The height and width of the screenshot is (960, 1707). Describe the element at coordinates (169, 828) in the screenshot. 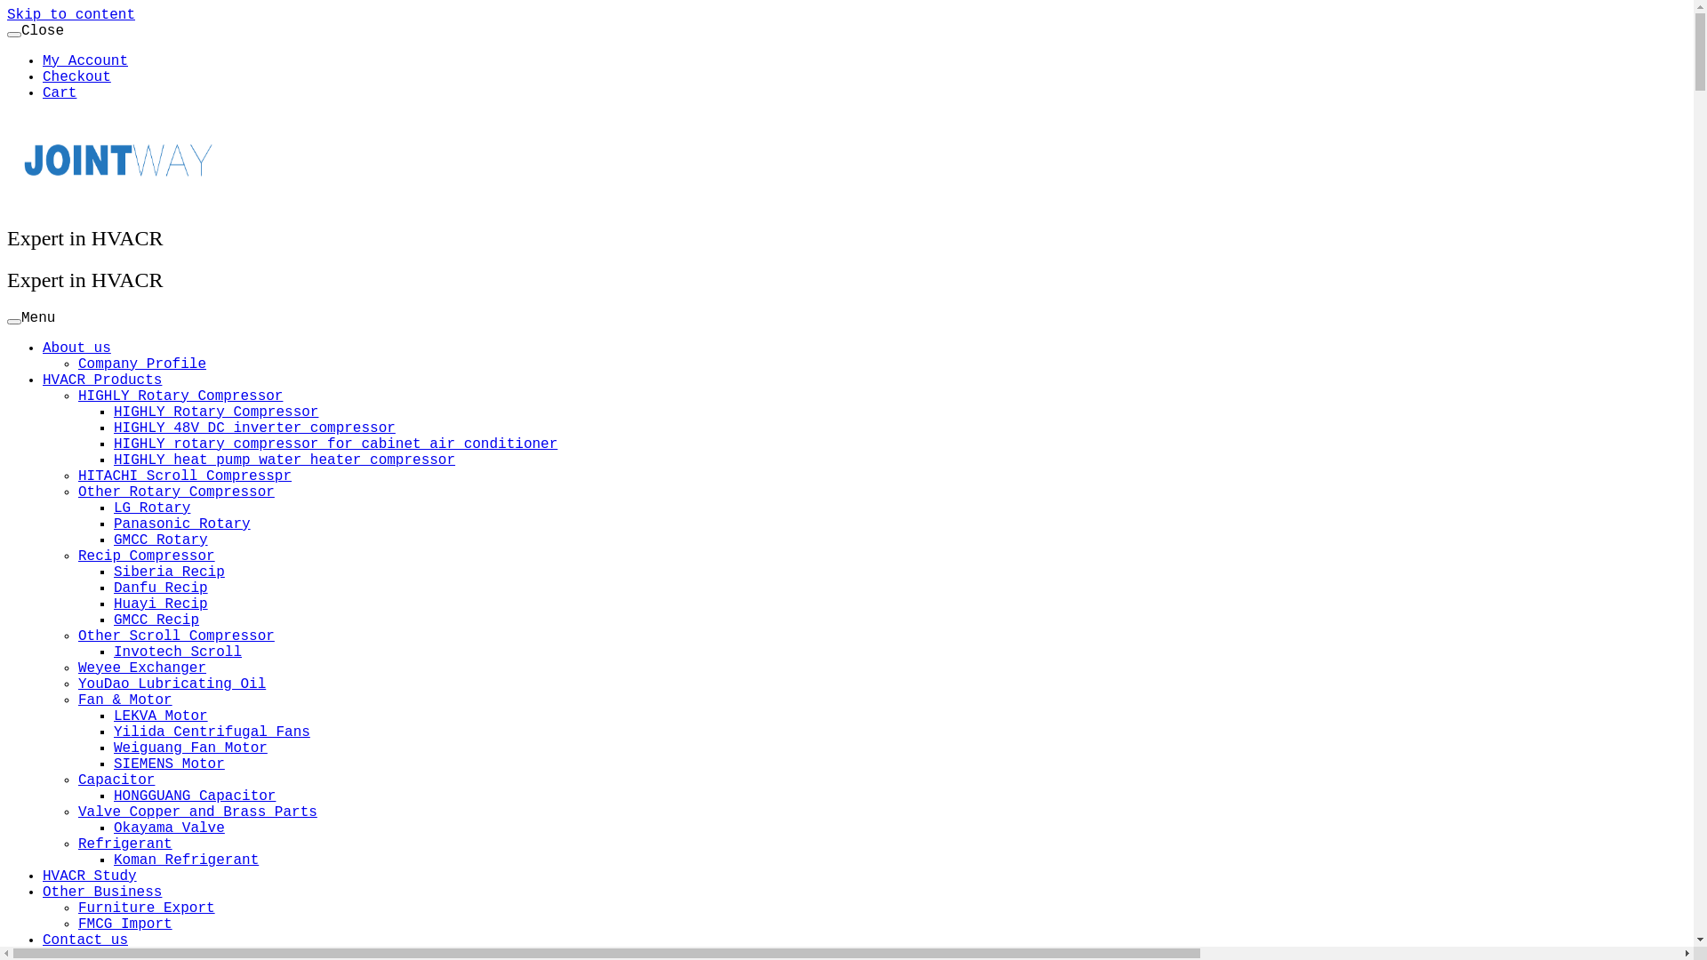

I see `'Okayama Valve'` at that location.